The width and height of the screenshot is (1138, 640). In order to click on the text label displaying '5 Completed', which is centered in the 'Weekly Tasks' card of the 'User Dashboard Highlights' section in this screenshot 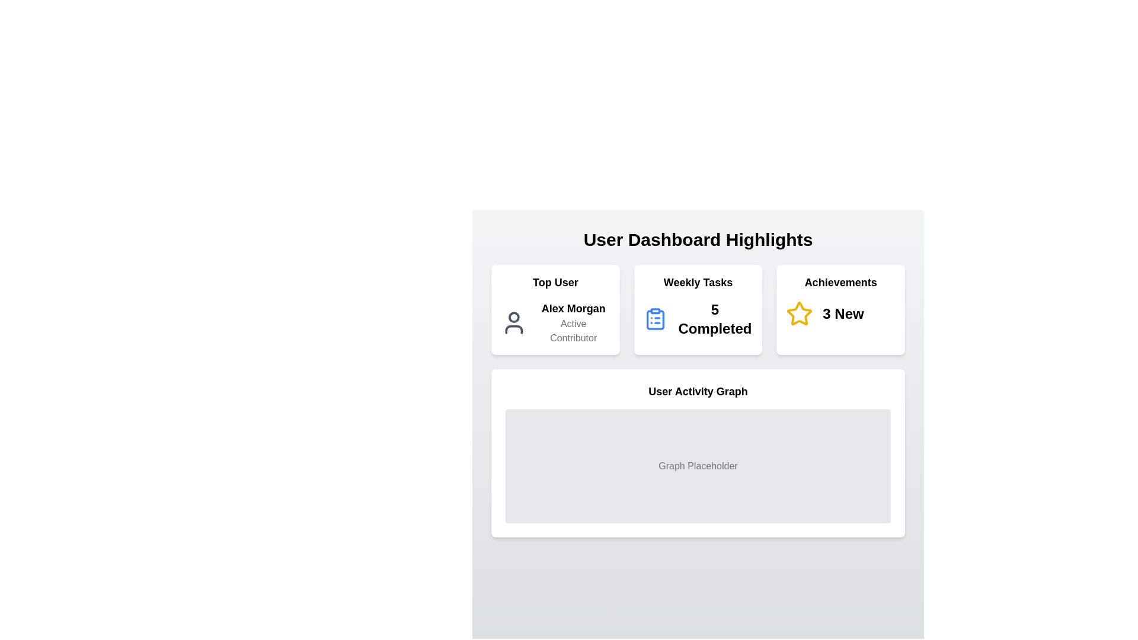, I will do `click(714, 319)`.